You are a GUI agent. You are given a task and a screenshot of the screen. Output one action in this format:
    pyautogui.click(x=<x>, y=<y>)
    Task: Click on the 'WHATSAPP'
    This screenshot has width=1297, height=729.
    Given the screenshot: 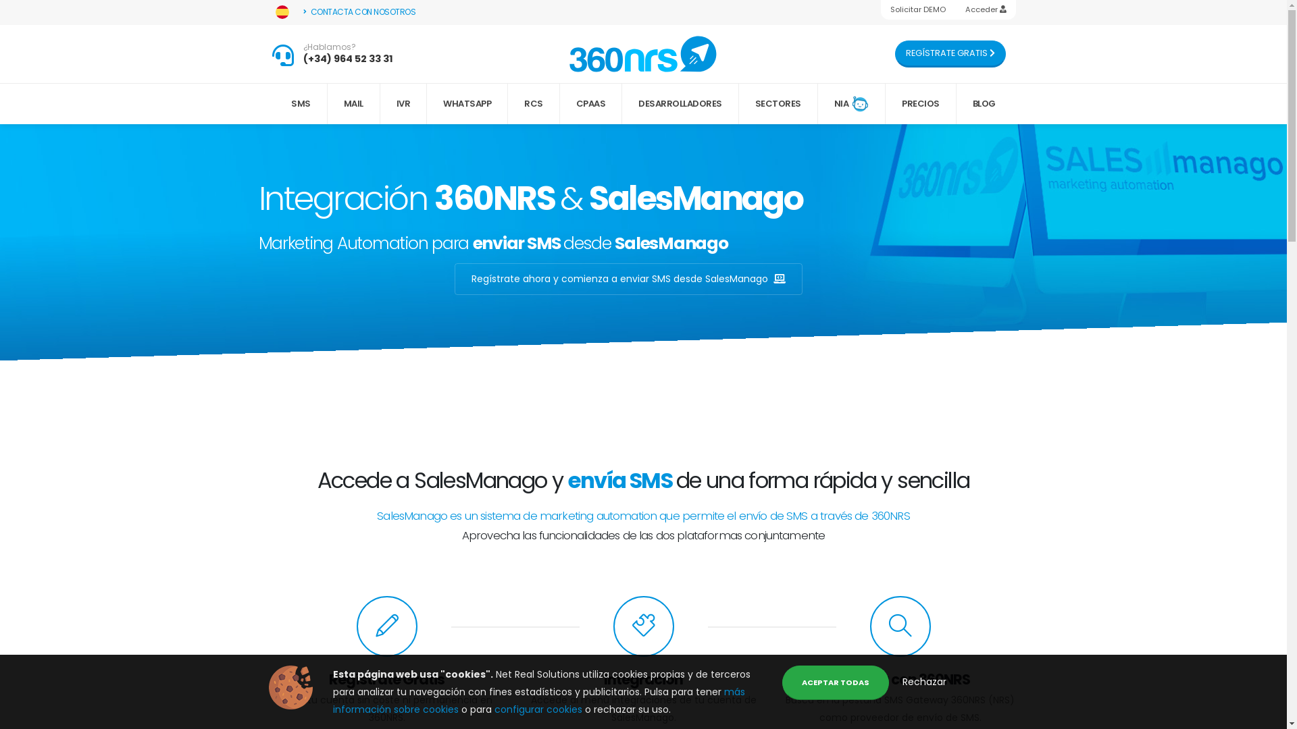 What is the action you would take?
    pyautogui.click(x=426, y=103)
    